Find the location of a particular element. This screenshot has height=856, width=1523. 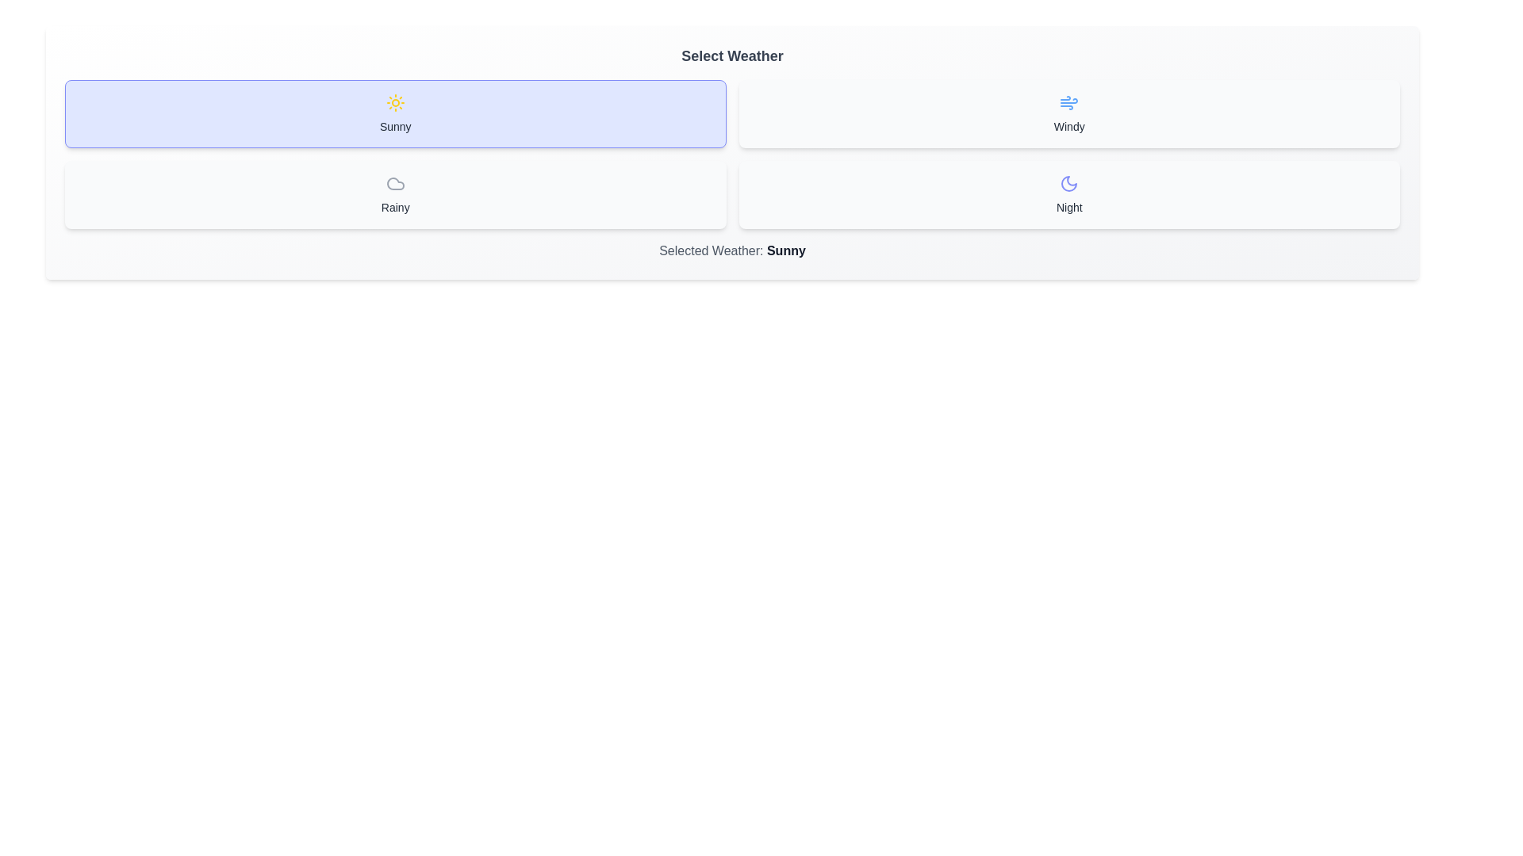

the button corresponding to the weather option Night is located at coordinates (1069, 194).